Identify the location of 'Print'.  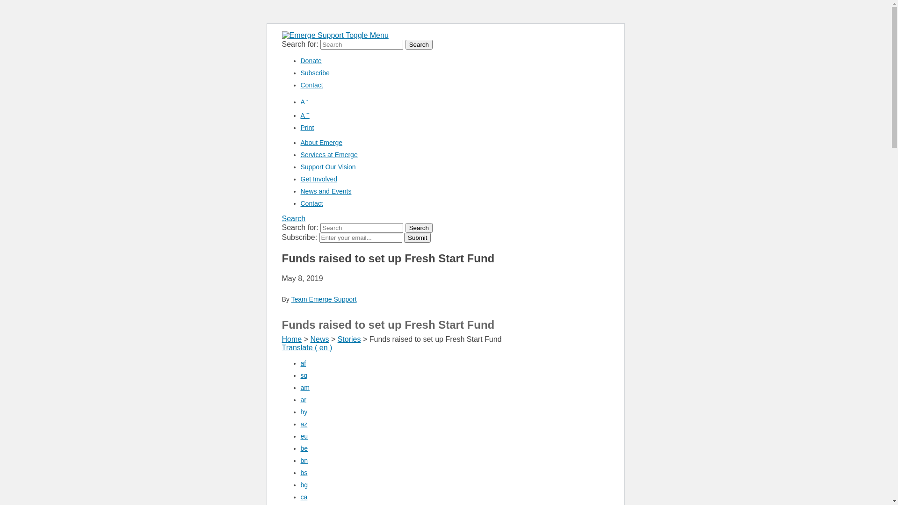
(300, 128).